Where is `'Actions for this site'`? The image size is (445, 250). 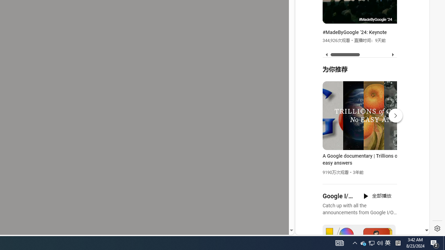 'Actions for this site' is located at coordinates (393, 153).